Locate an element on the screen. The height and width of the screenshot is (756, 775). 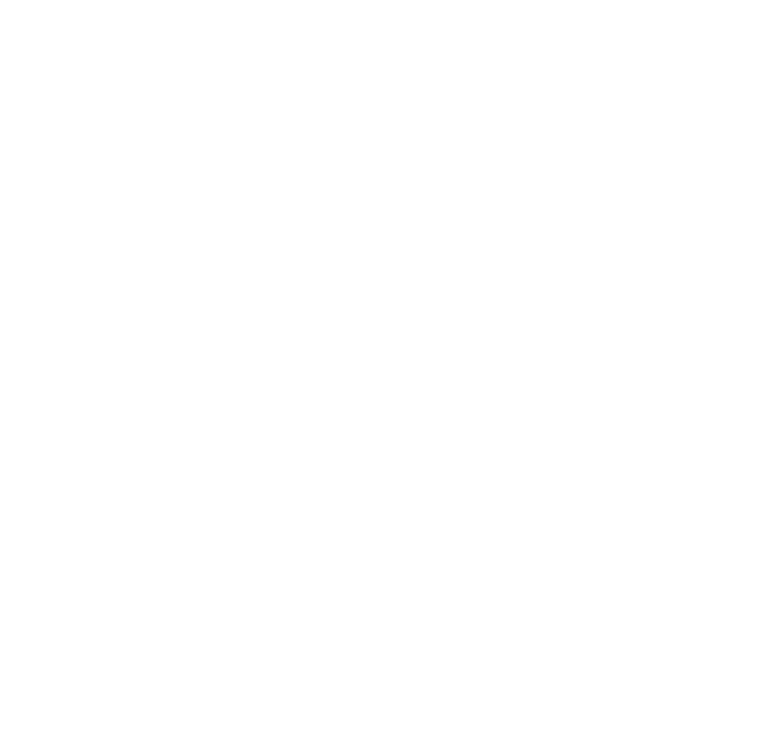
'The Beauty of Science is to Make Things Simple' is located at coordinates (387, 651).